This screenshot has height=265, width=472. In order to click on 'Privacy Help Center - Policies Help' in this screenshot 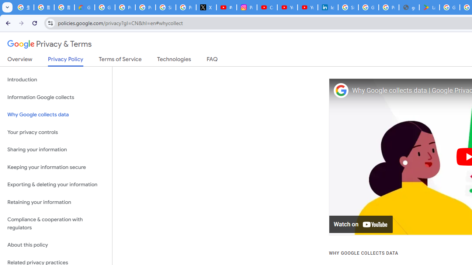, I will do `click(145, 7)`.